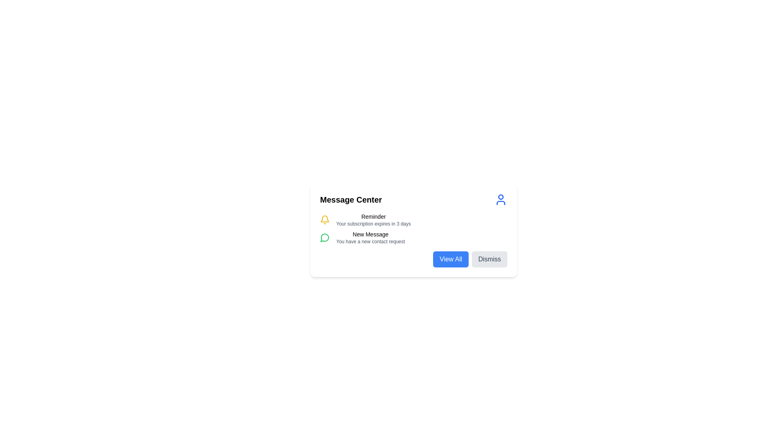  I want to click on the 'View All' button, which is a rectangular button with a blue background and white text, located at the bottom-right corner of the 'Message Center' panel, so click(450, 259).